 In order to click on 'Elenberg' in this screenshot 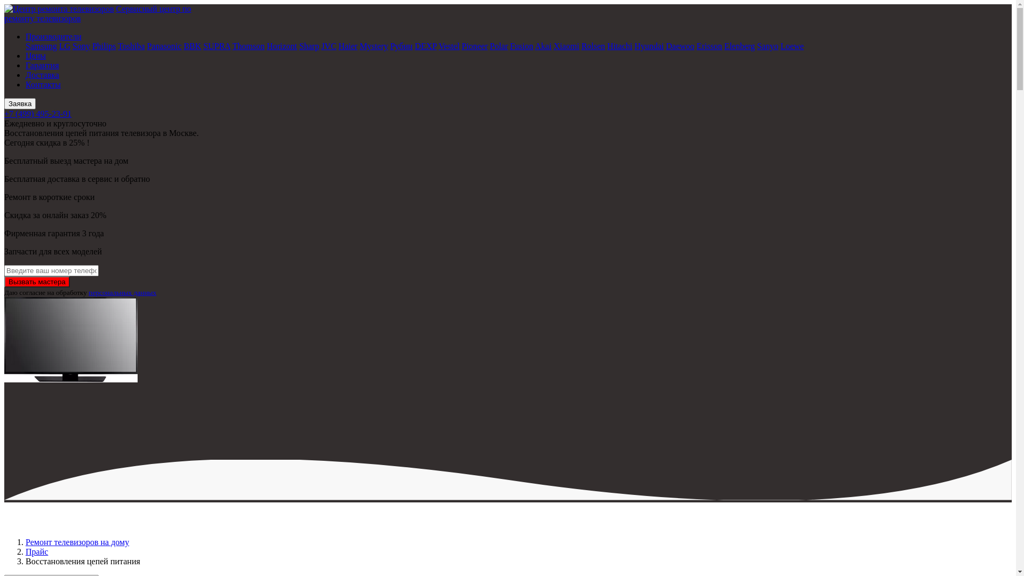, I will do `click(739, 45)`.